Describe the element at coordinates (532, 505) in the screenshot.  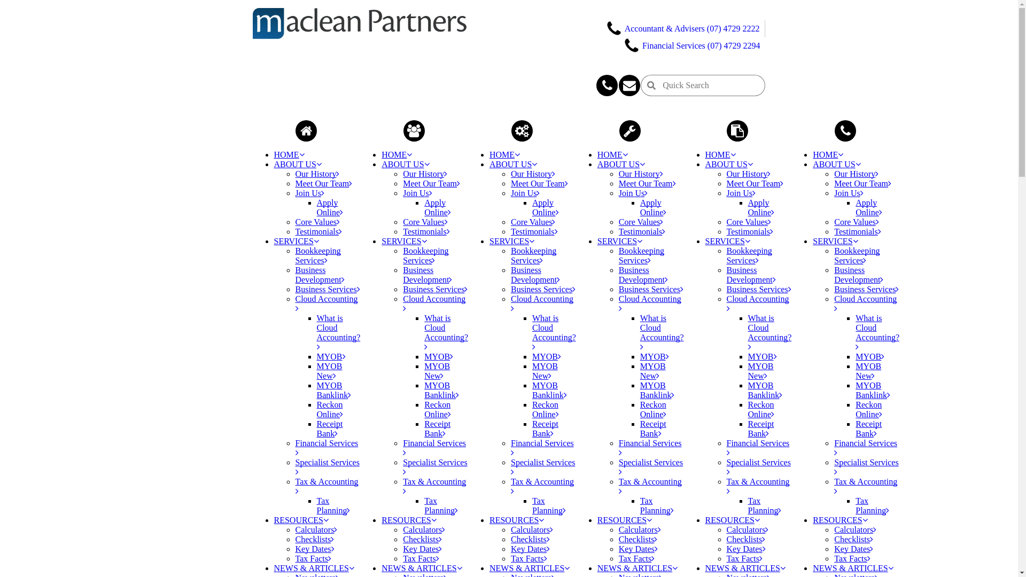
I see `'Tax Planning'` at that location.